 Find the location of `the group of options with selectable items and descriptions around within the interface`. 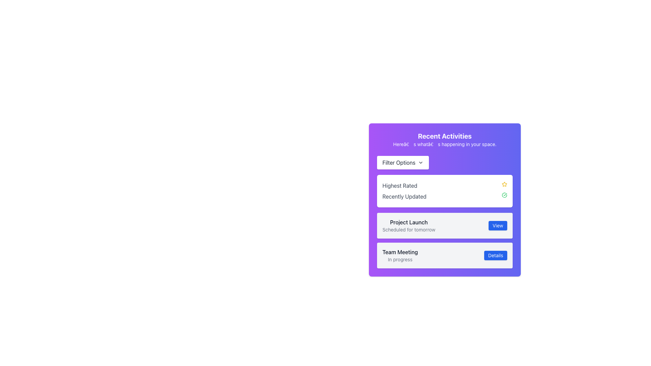

the group of options with selectable items and descriptions around within the interface is located at coordinates (445, 181).